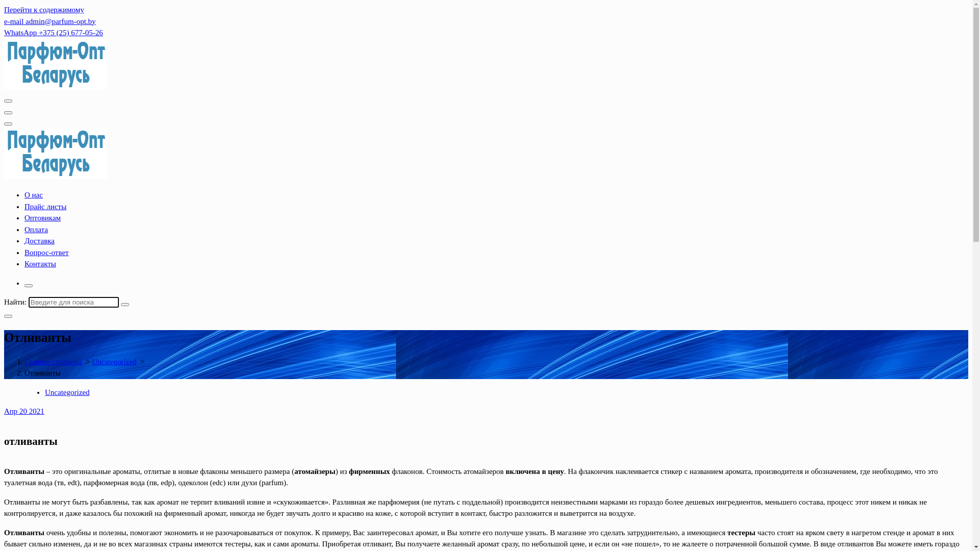 This screenshot has width=980, height=551. What do you see at coordinates (53, 32) in the screenshot?
I see `'WhatsApp +375 (25) 677-05-26'` at bounding box center [53, 32].